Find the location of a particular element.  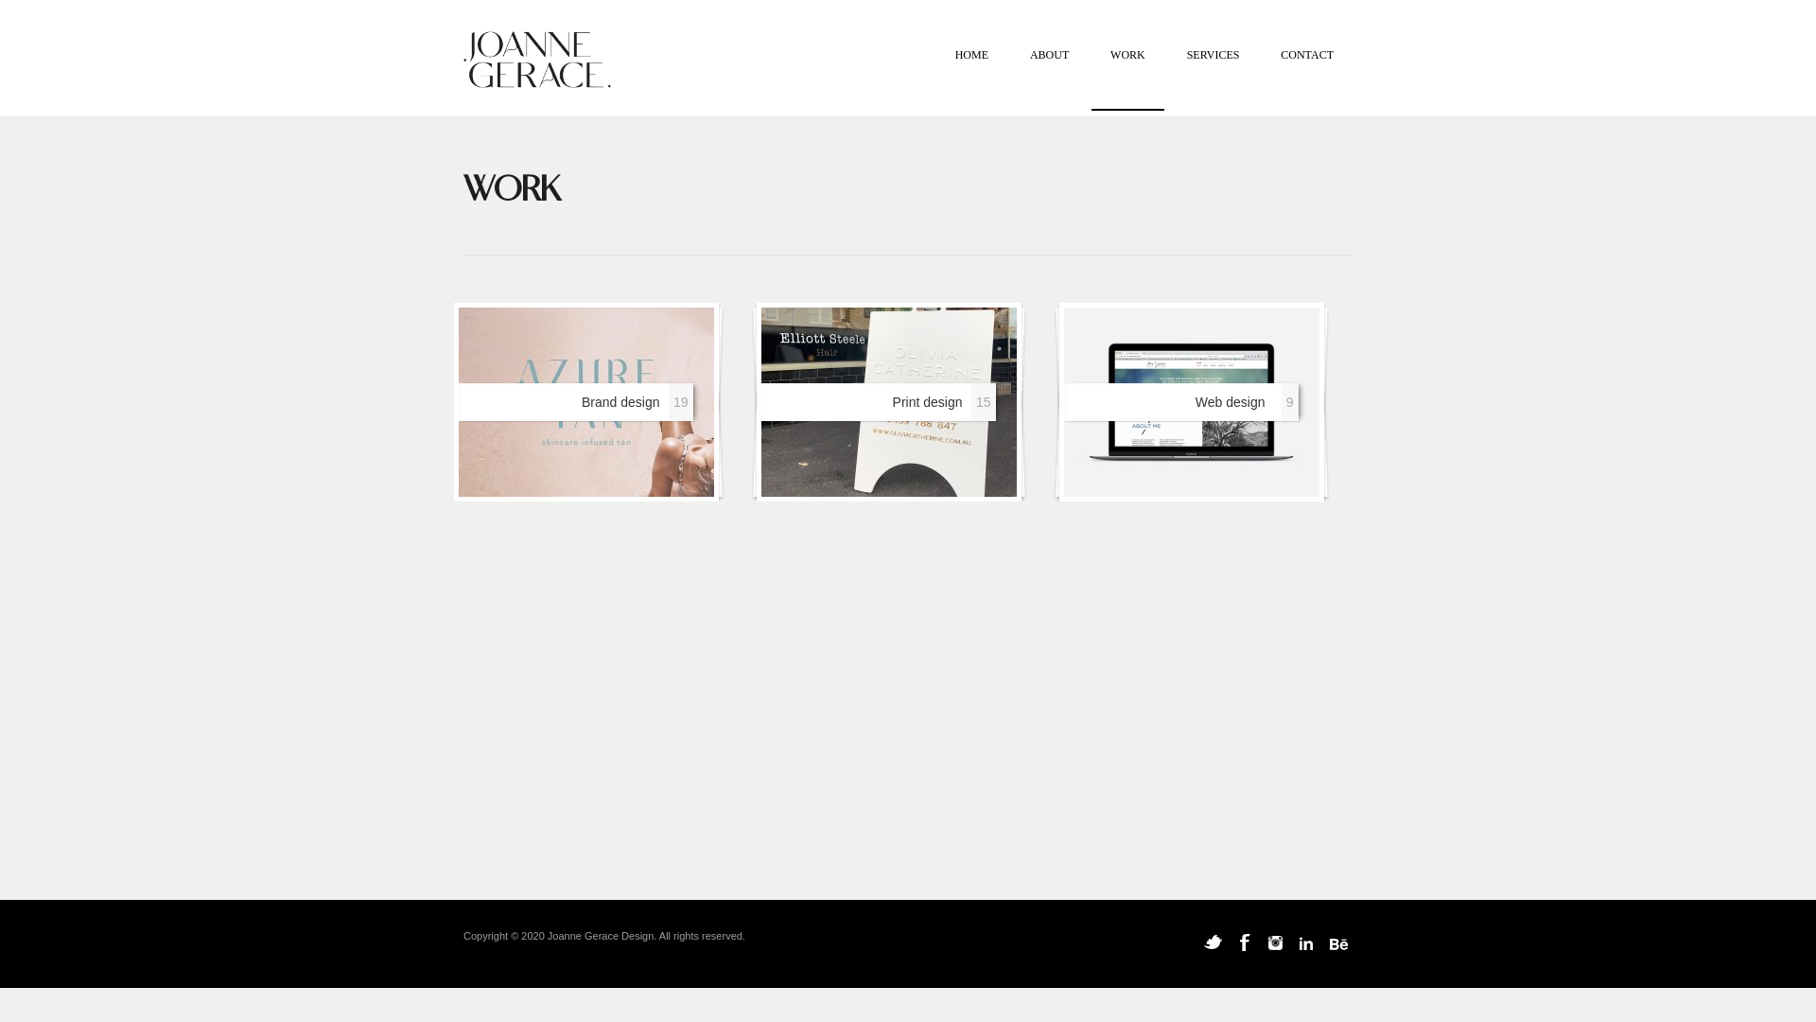

'WORK' is located at coordinates (1127, 78).